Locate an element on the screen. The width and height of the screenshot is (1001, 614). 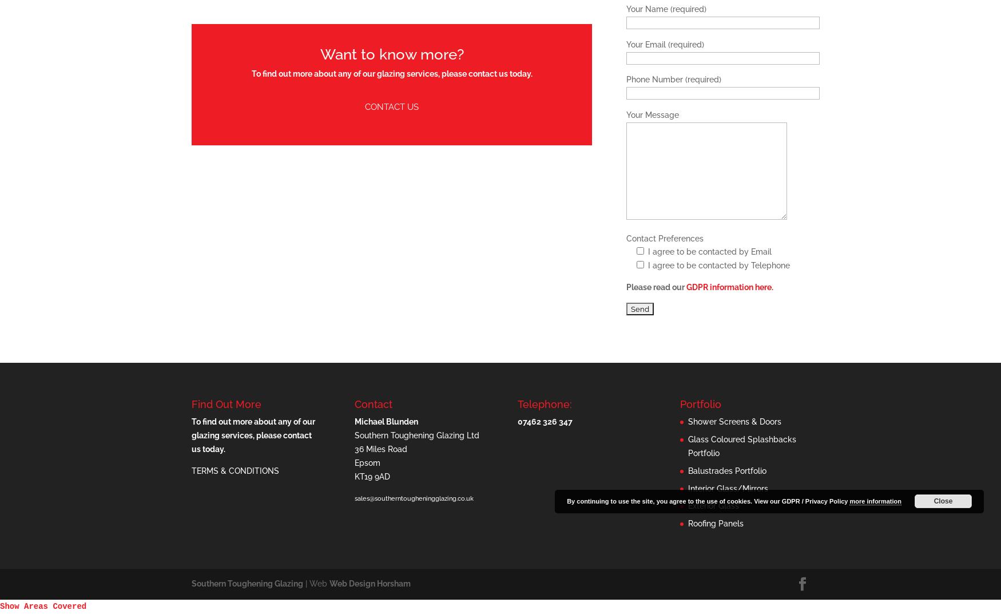
'By continuing to use the site, you agree to the use of cookies. View our GDPR / Privacy Policy' is located at coordinates (708, 500).